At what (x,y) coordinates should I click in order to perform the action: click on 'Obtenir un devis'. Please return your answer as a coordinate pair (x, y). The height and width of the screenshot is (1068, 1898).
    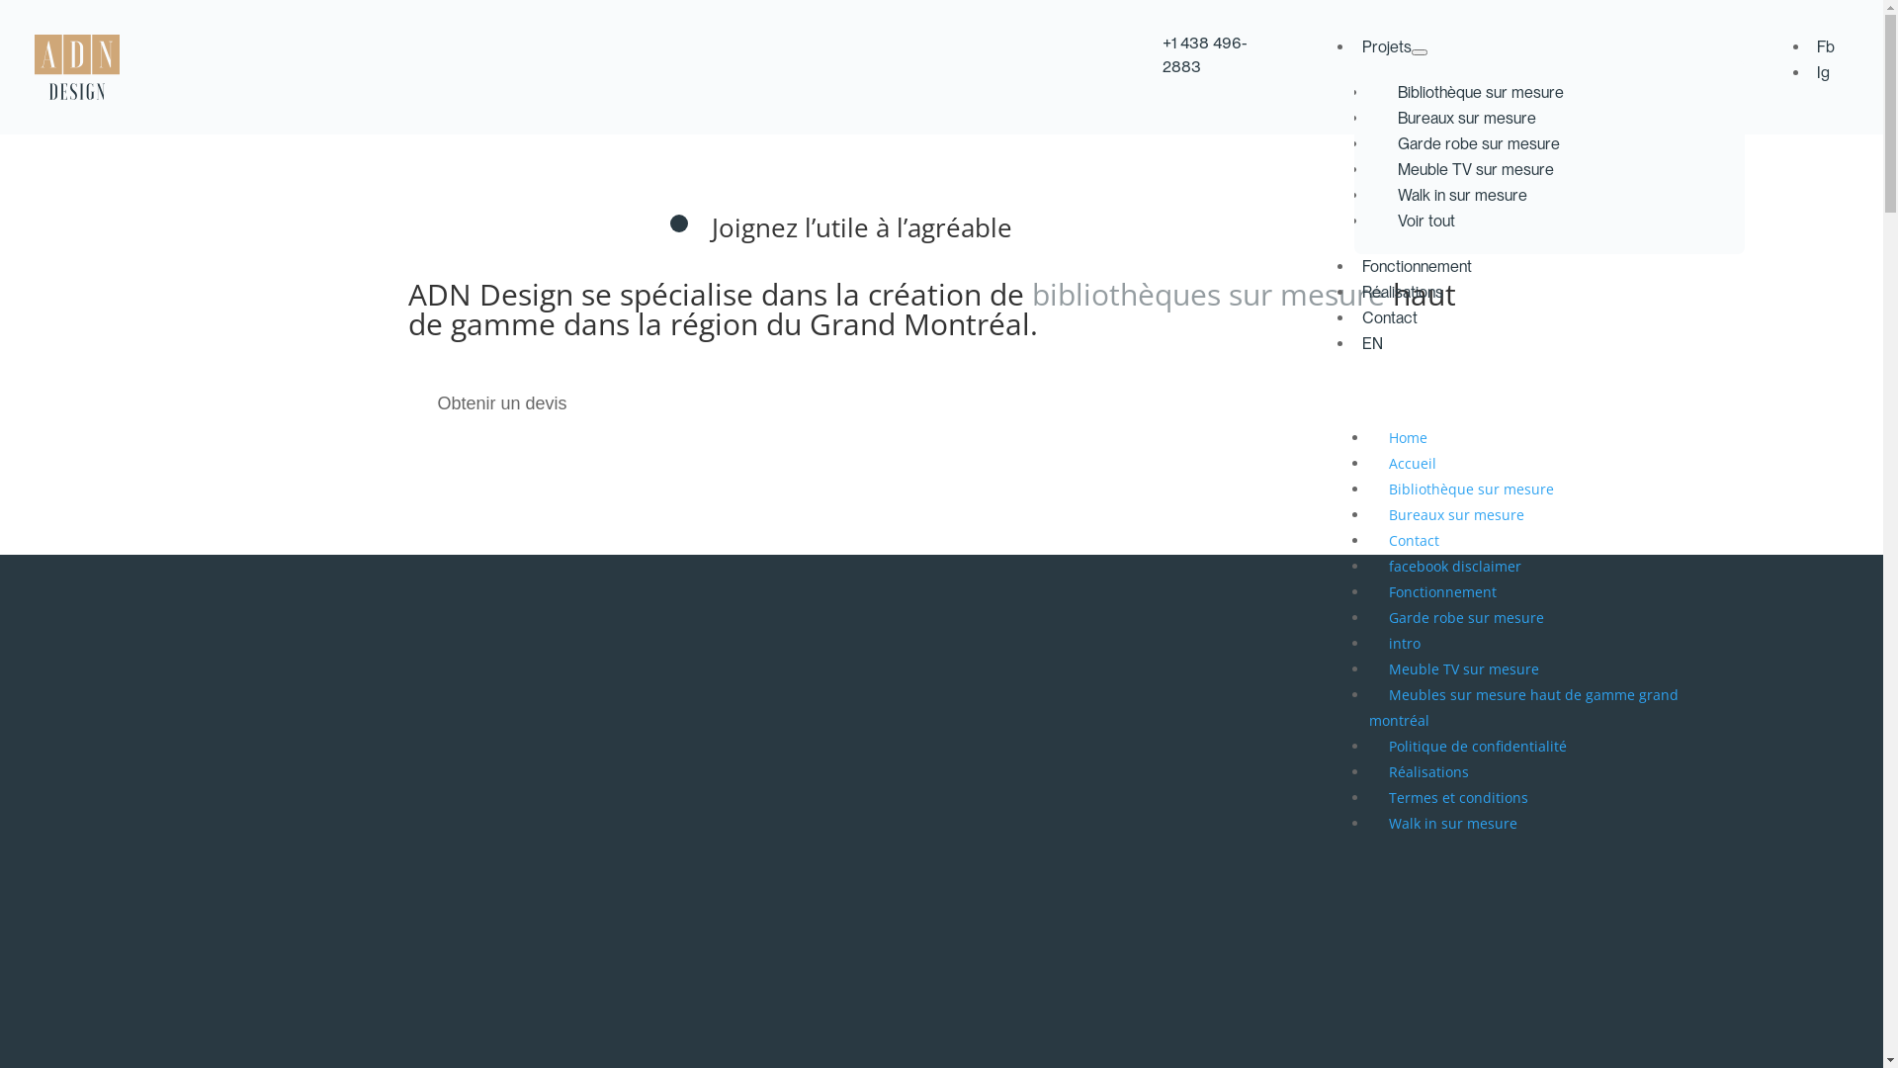
    Looking at the image, I should click on (501, 402).